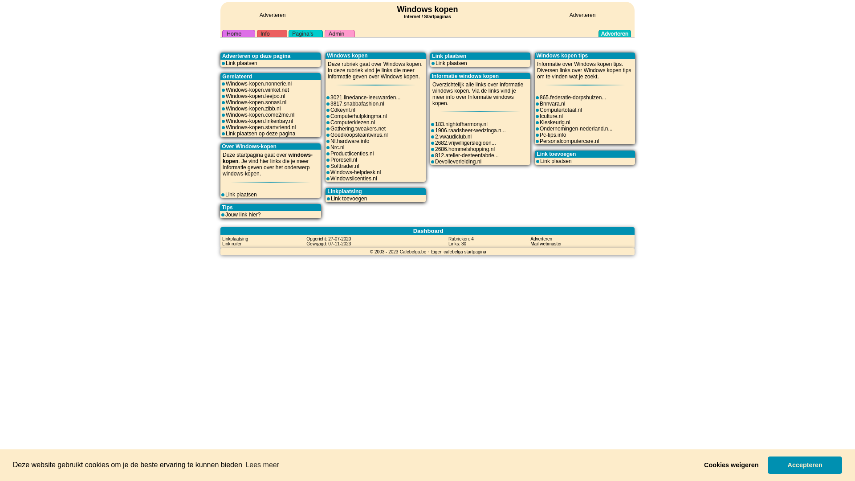  Describe the element at coordinates (412, 251) in the screenshot. I see `'Cafebelga.be'` at that location.